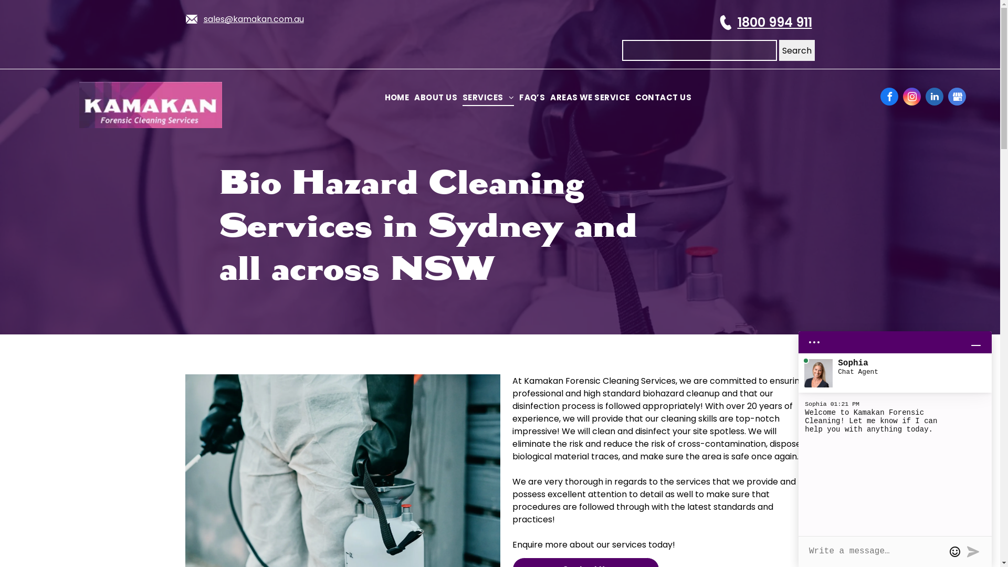  What do you see at coordinates (488, 98) in the screenshot?
I see `'SERVICES'` at bounding box center [488, 98].